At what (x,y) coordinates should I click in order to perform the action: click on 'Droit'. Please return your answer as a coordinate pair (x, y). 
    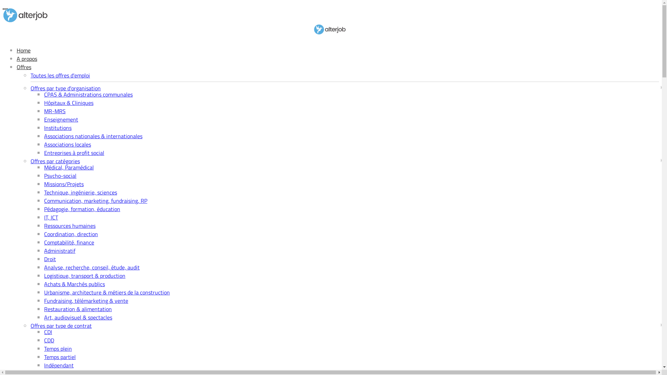
    Looking at the image, I should click on (50, 259).